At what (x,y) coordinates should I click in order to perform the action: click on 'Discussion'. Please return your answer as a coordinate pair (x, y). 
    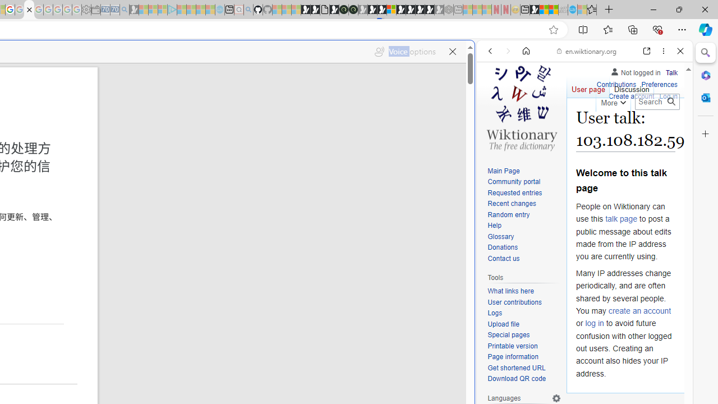
    Looking at the image, I should click on (631, 86).